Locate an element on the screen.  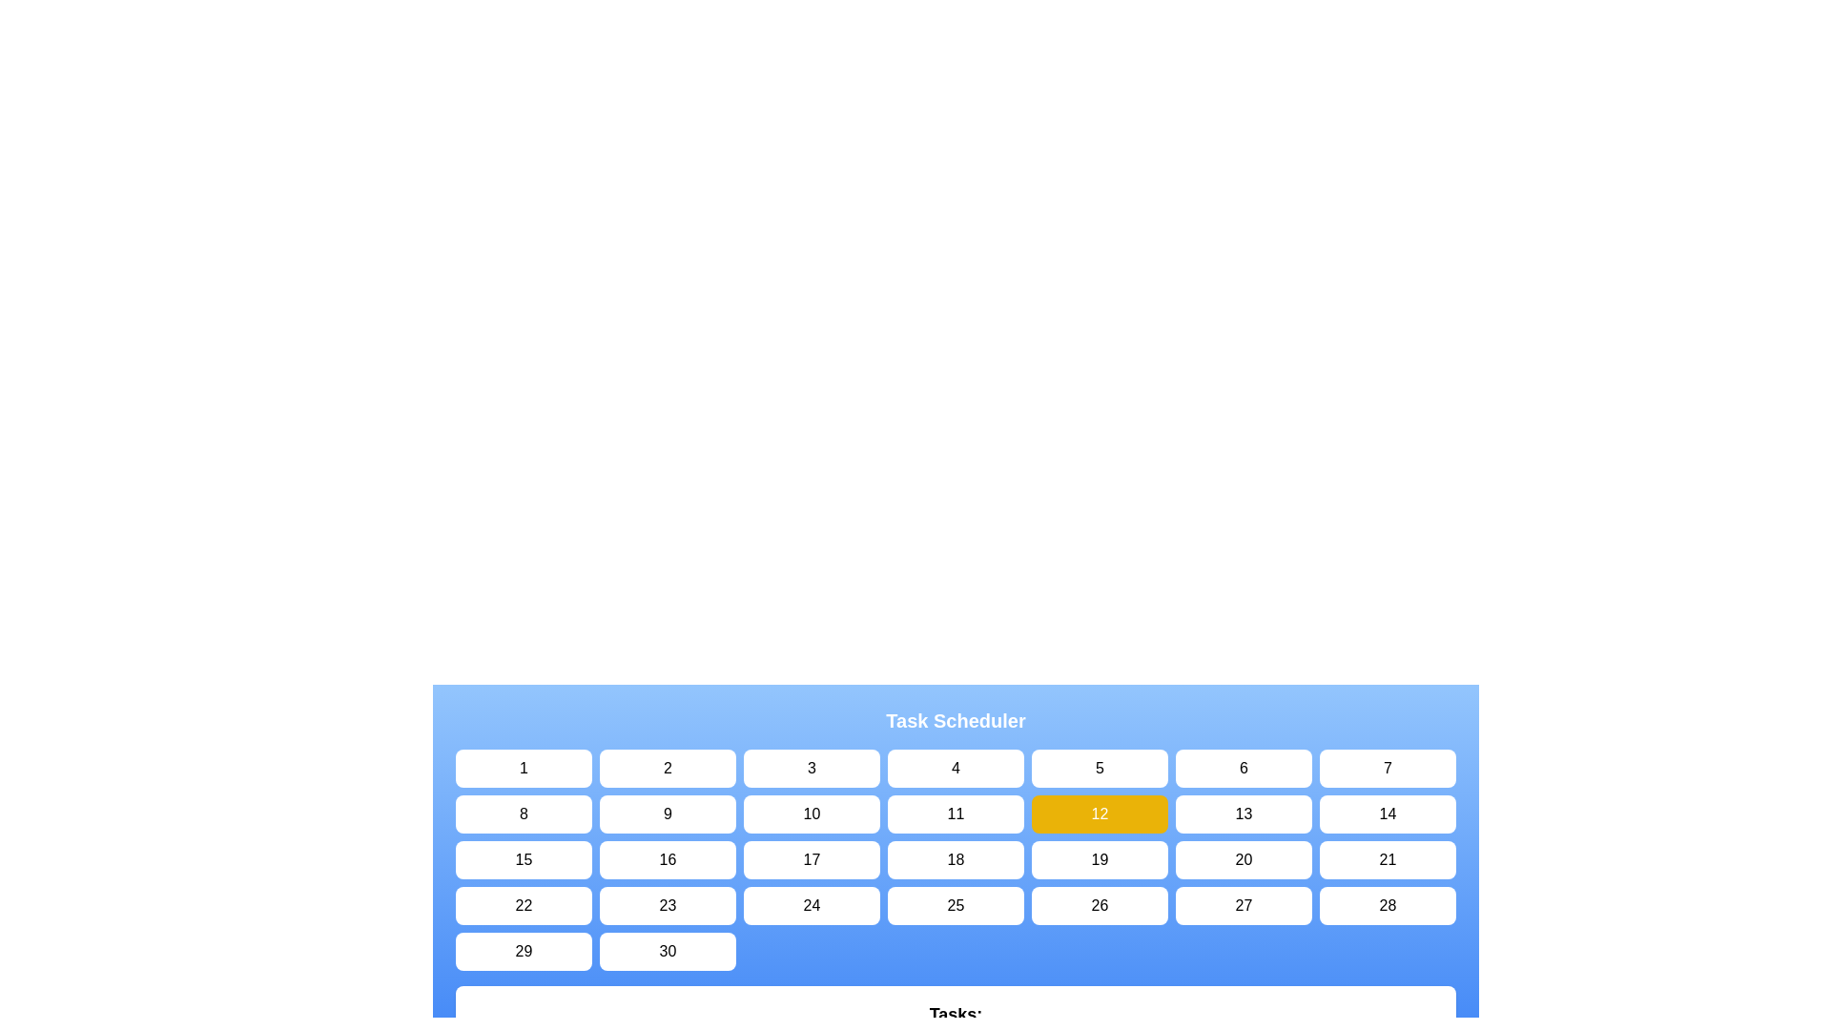
the button located in the second-row, first-column cell of the task scheduling interface for reordering or selection is located at coordinates (524, 814).